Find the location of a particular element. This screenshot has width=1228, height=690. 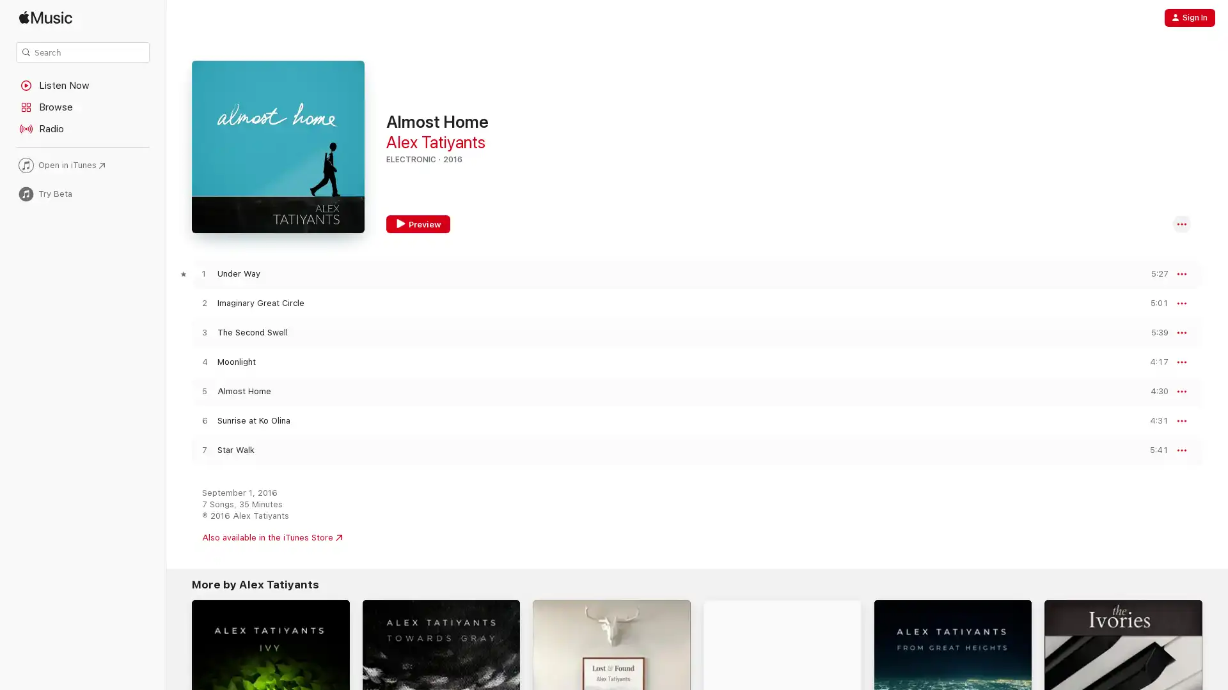

More is located at coordinates (1181, 391).